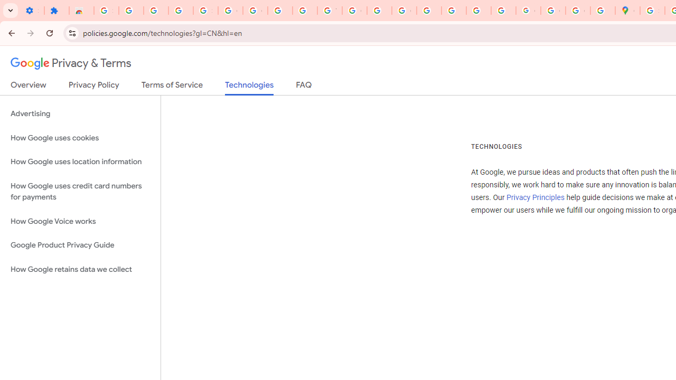 Image resolution: width=676 pixels, height=380 pixels. Describe the element at coordinates (155, 11) in the screenshot. I see `'Learn how to find your photos - Google Photos Help'` at that location.